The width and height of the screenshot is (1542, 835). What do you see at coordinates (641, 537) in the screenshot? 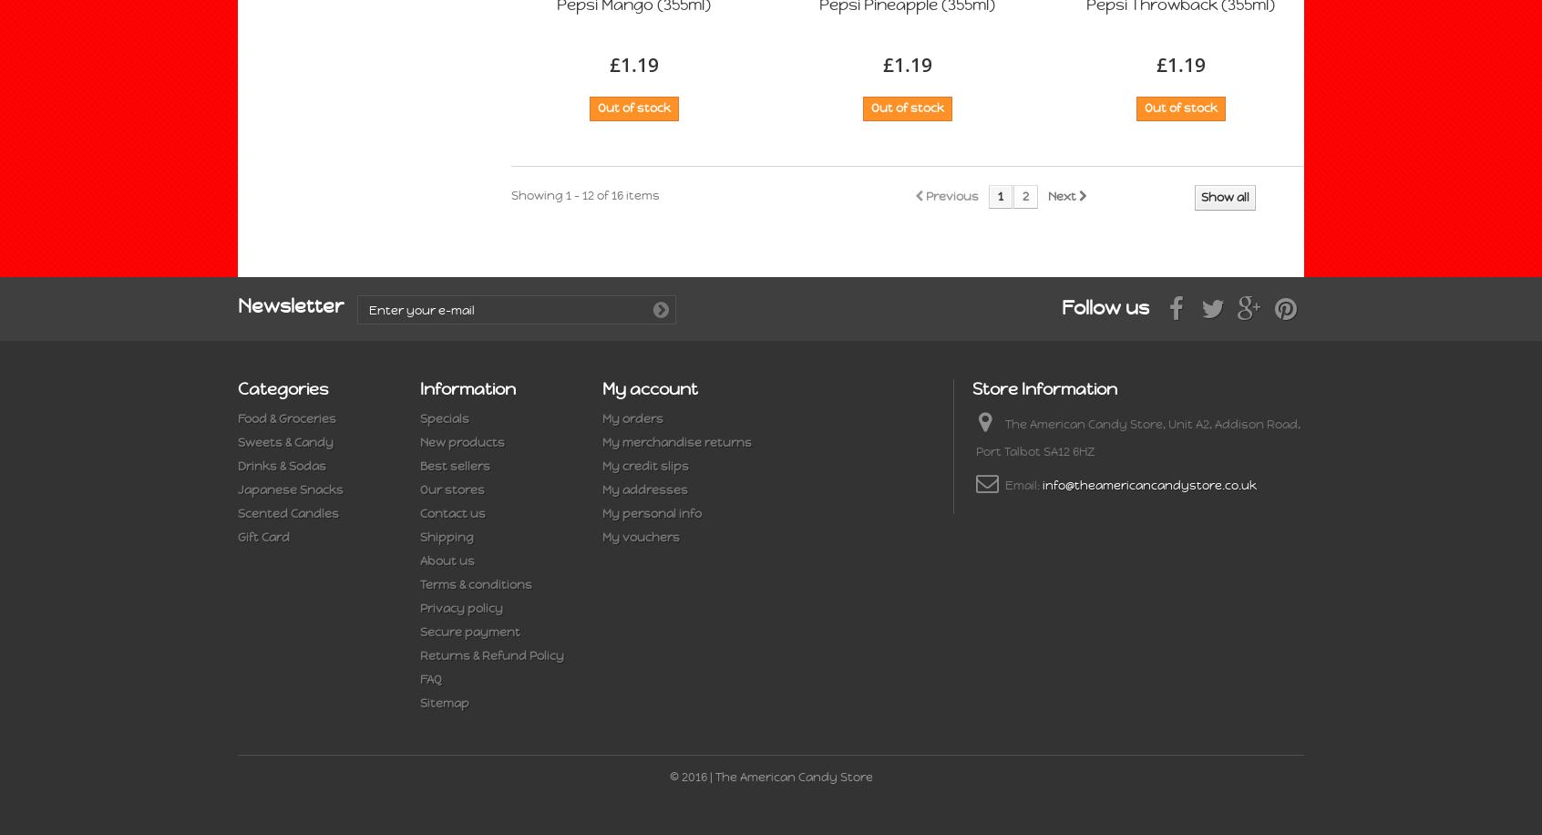
I see `'My vouchers'` at bounding box center [641, 537].